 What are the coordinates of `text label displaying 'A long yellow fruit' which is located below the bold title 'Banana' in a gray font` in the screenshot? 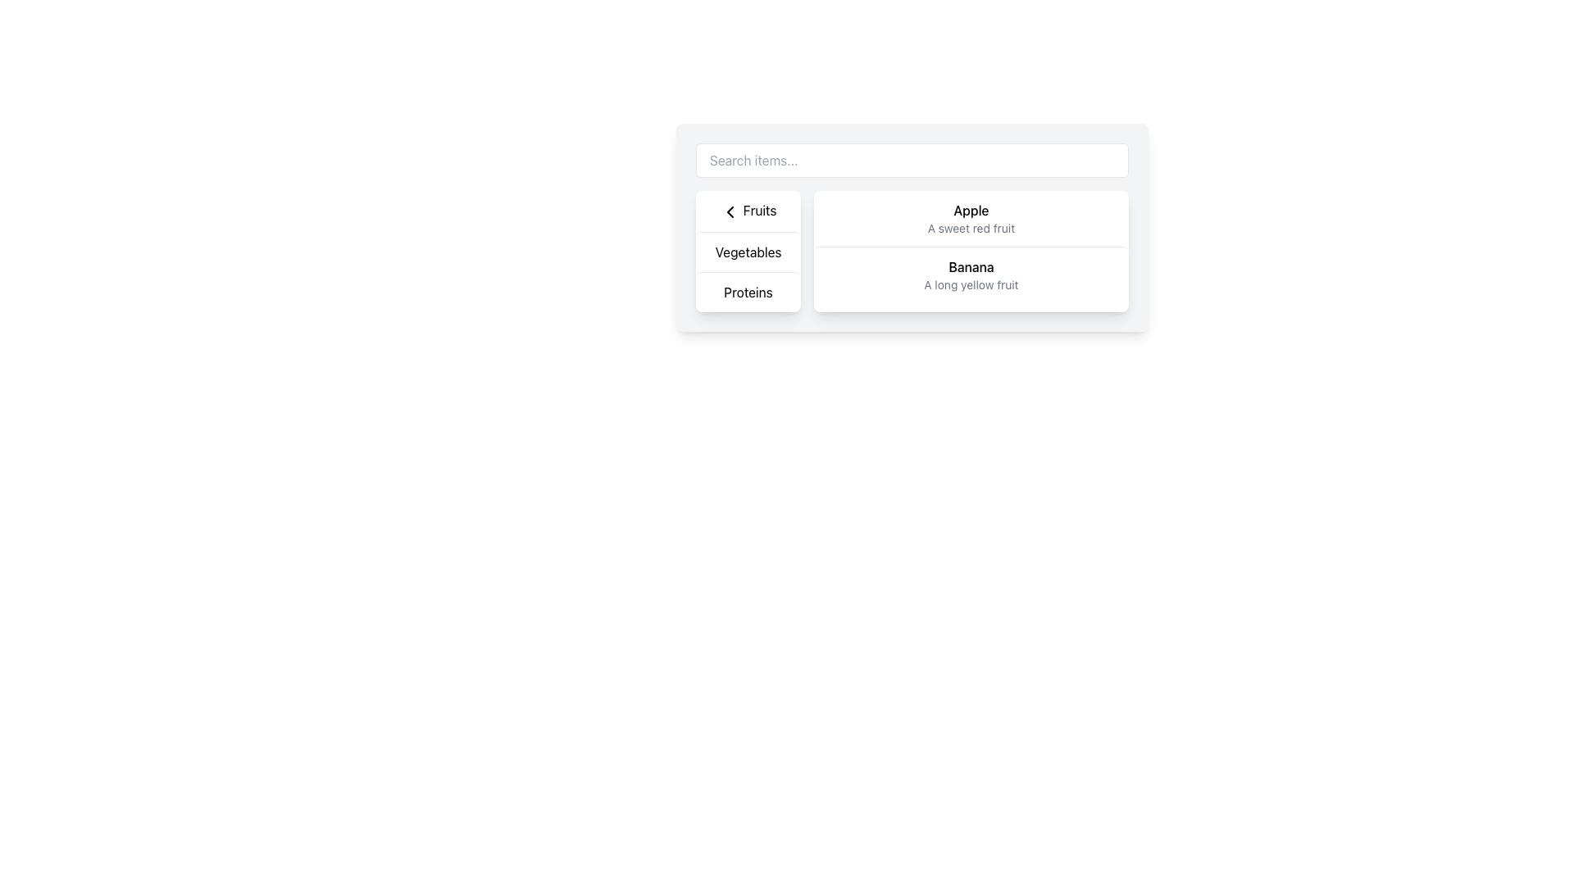 It's located at (971, 284).